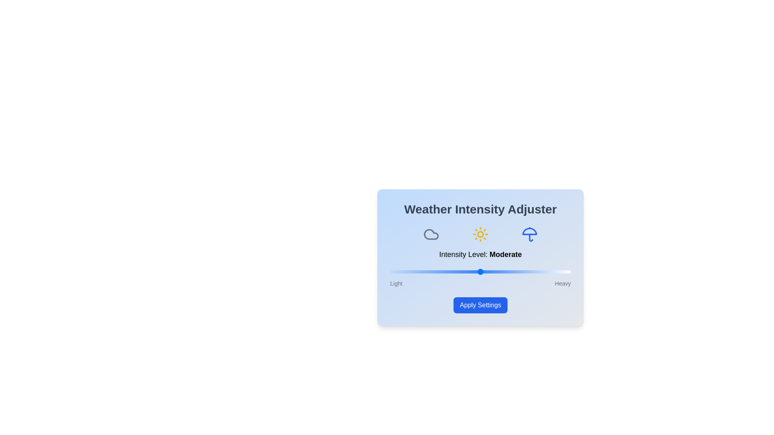 The width and height of the screenshot is (774, 435). What do you see at coordinates (431, 234) in the screenshot?
I see `the cloud icon` at bounding box center [431, 234].